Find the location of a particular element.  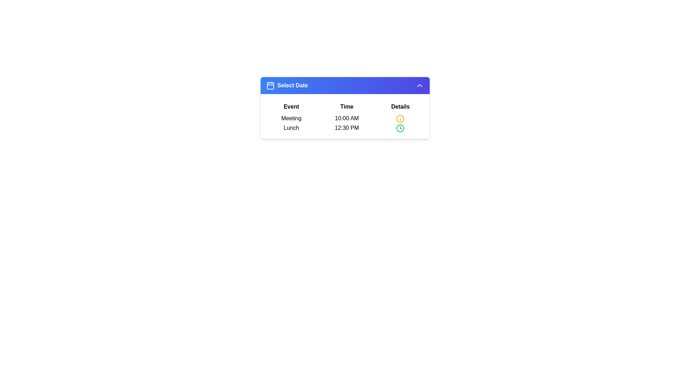

the table displaying scheduled events with columns labeled 'Event', 'Time', and 'Details' is located at coordinates (345, 116).